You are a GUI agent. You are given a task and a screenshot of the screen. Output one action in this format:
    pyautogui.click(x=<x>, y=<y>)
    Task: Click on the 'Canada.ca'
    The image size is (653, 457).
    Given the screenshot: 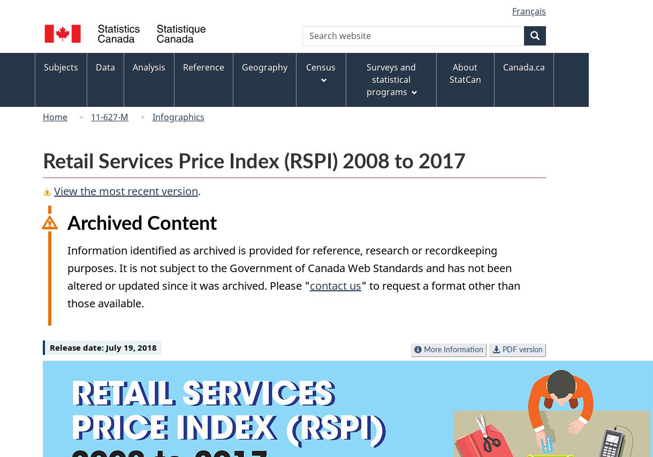 What is the action you would take?
    pyautogui.click(x=522, y=66)
    